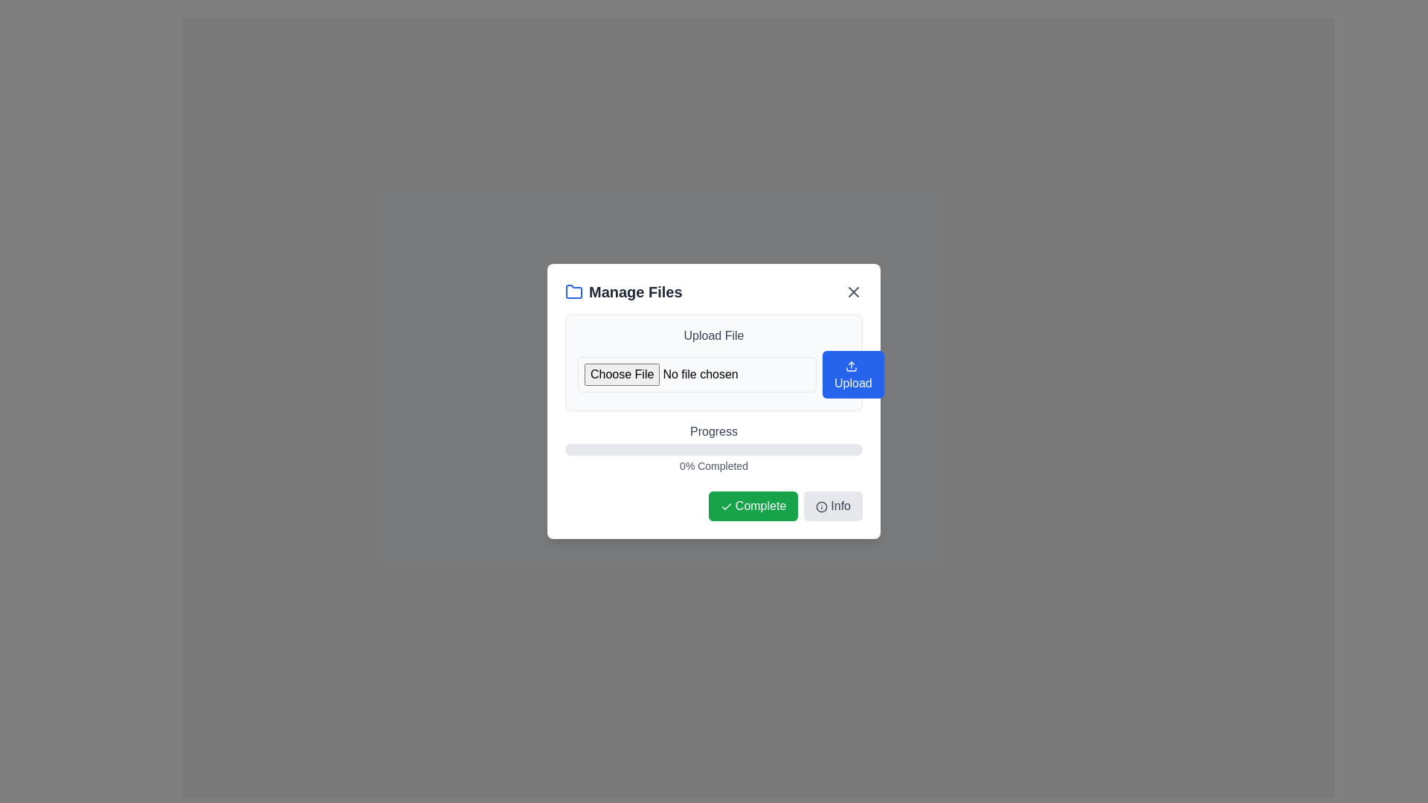  What do you see at coordinates (753, 506) in the screenshot?
I see `the leftmost button in the bottom-right of the dialog box to confirm the completion of the current process` at bounding box center [753, 506].